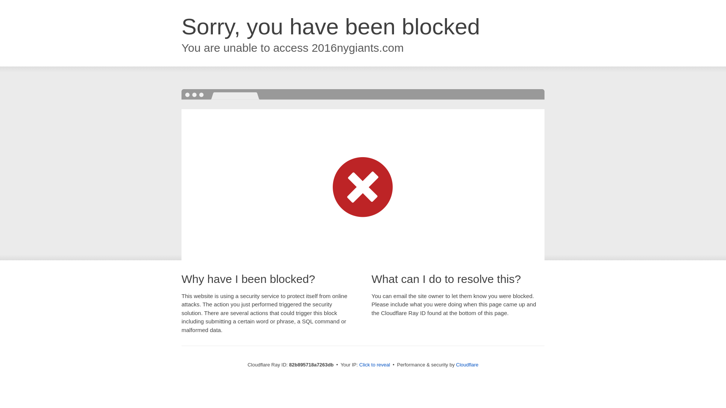 Image resolution: width=726 pixels, height=408 pixels. I want to click on 'Click to reveal', so click(374, 364).